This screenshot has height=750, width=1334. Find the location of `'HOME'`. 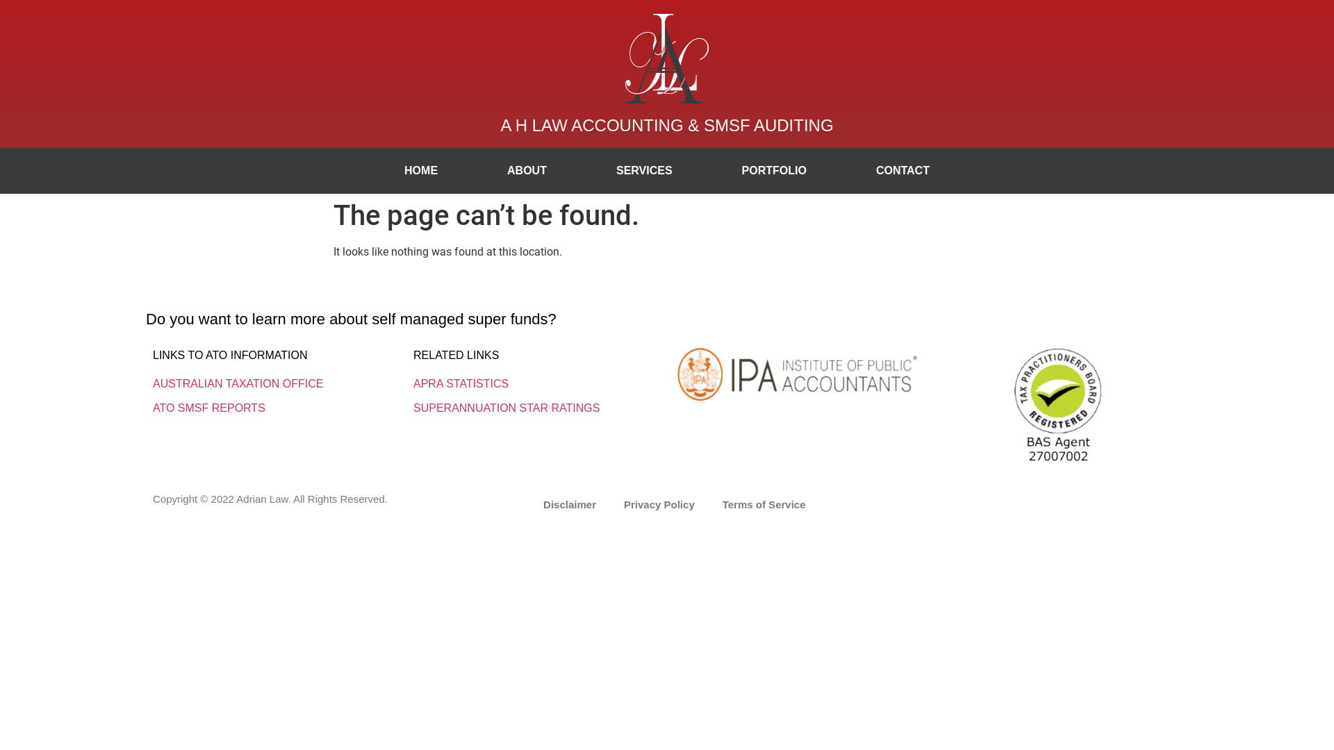

'HOME' is located at coordinates (420, 170).